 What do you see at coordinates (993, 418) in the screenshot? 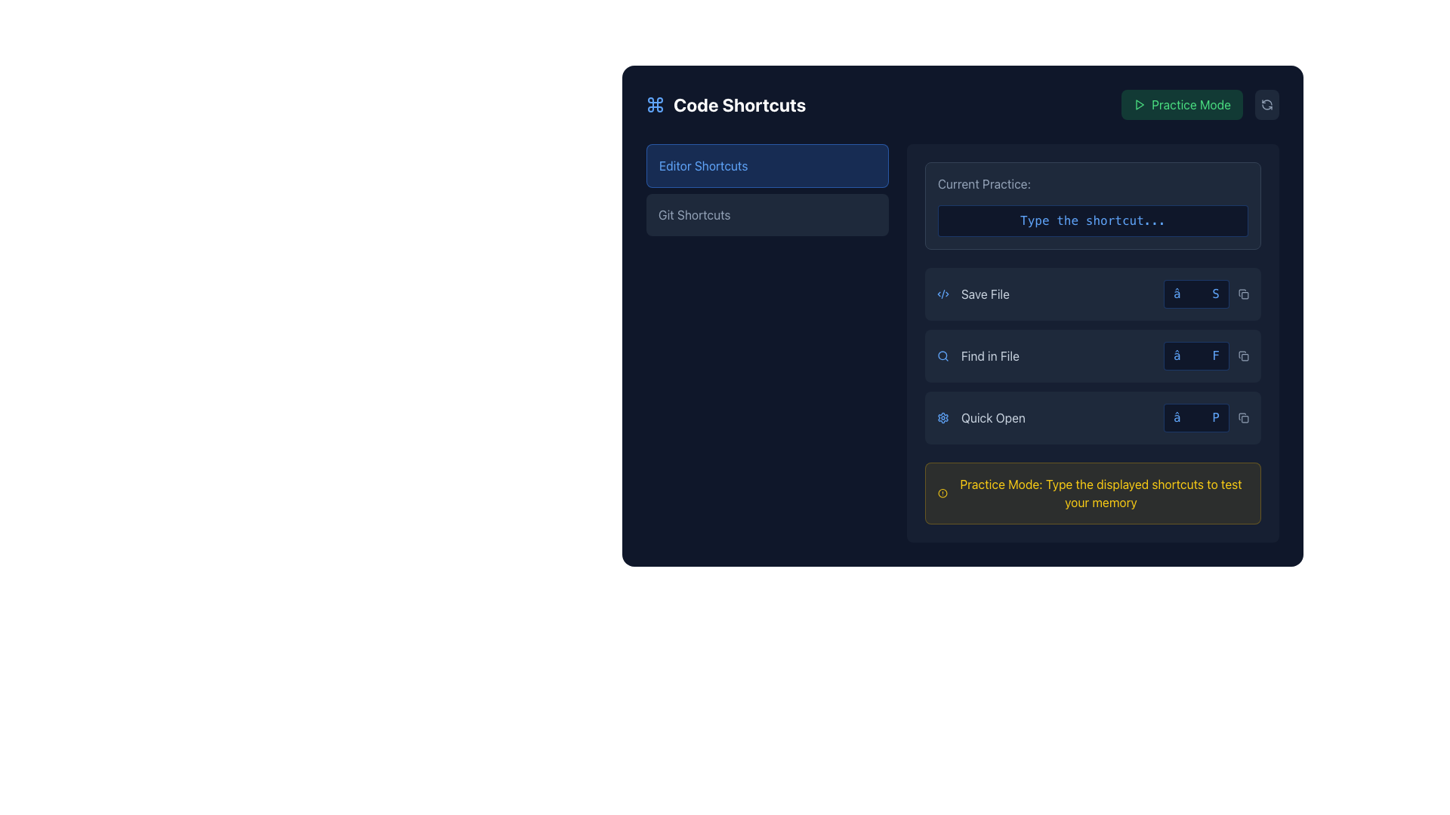
I see `the 'Quick Open' text label, which is styled in light slate color on a dark background` at bounding box center [993, 418].